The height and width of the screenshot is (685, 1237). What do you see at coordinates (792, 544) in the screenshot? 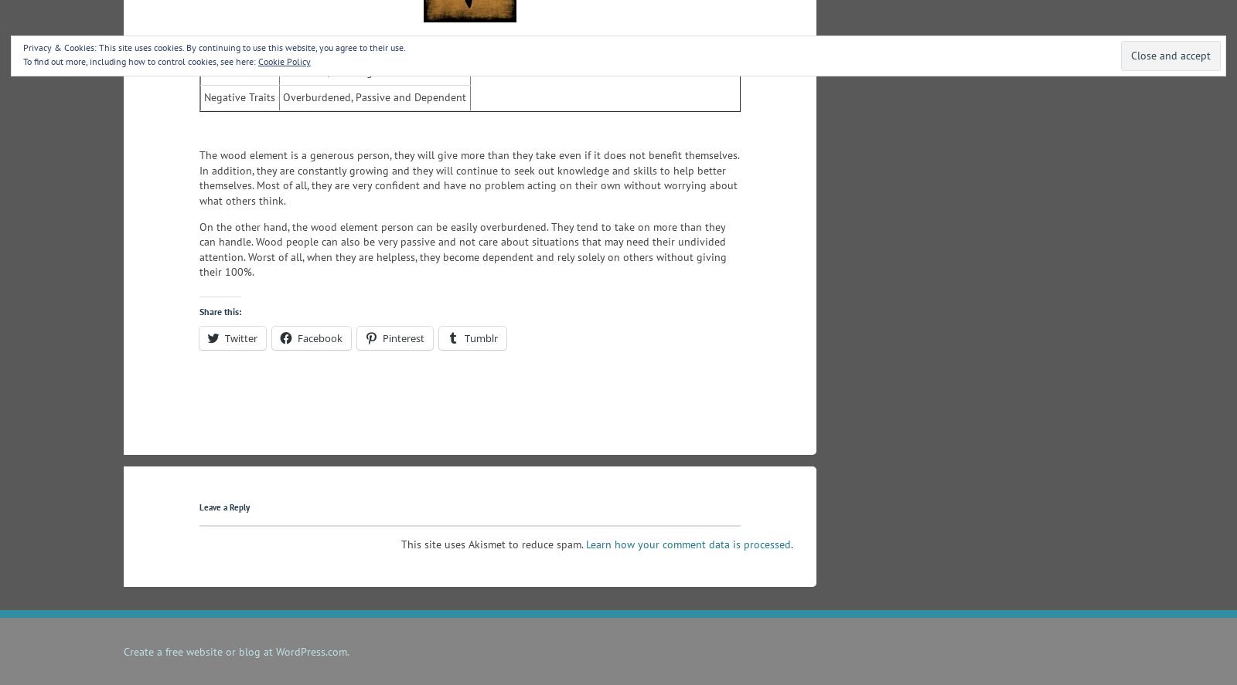
I see `'.'` at bounding box center [792, 544].